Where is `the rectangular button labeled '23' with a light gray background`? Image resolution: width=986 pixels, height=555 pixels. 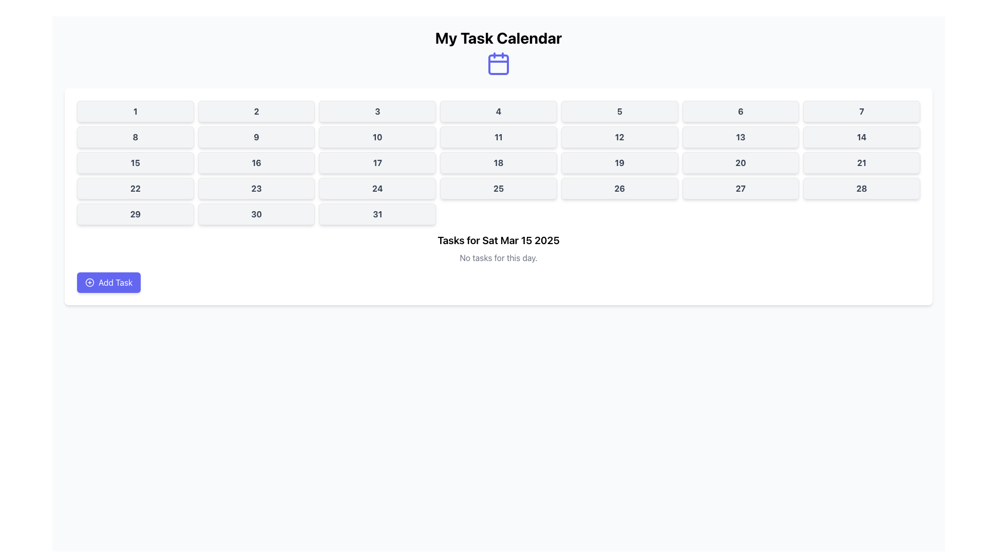
the rectangular button labeled '23' with a light gray background is located at coordinates (256, 188).